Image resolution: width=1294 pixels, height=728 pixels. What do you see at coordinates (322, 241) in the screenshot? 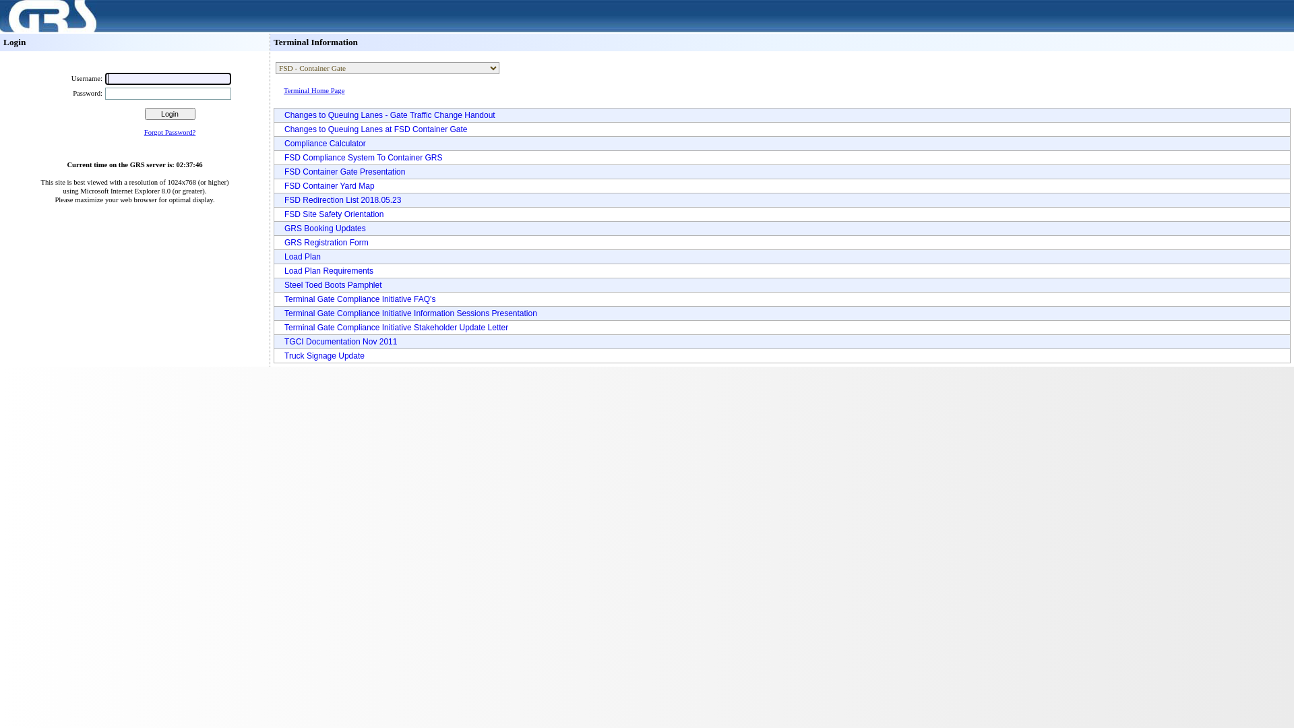
I see `'GRS Registration Form'` at bounding box center [322, 241].